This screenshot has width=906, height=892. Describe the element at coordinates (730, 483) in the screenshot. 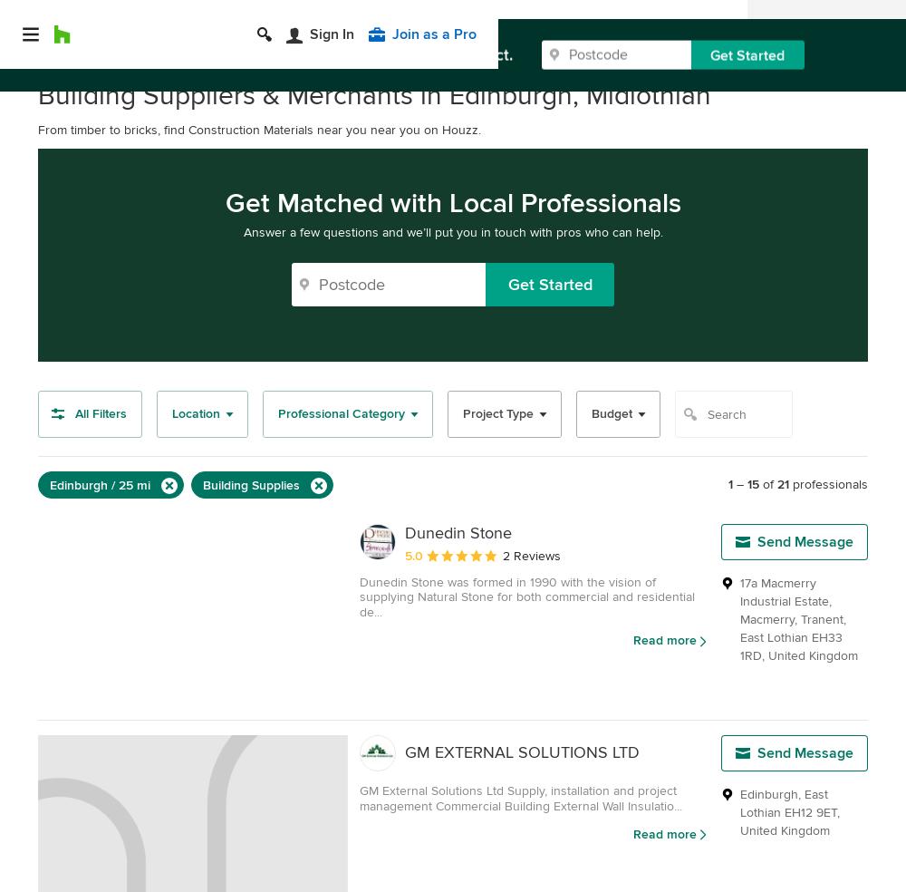

I see `'1'` at that location.